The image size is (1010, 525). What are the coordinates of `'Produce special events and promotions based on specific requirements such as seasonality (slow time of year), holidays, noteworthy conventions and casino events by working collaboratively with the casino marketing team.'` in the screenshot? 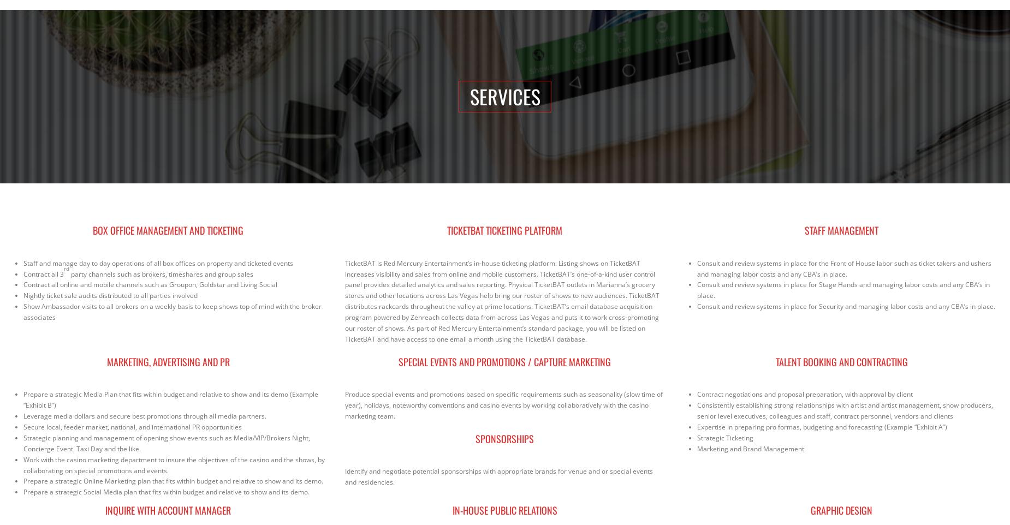 It's located at (503, 405).